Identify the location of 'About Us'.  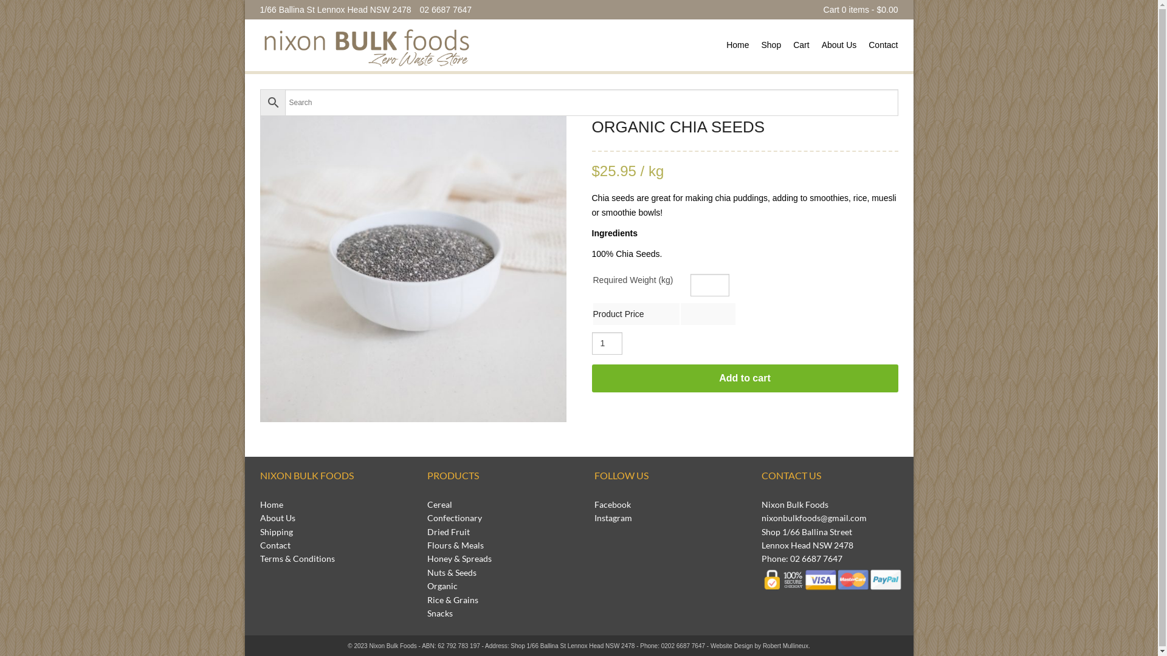
(839, 44).